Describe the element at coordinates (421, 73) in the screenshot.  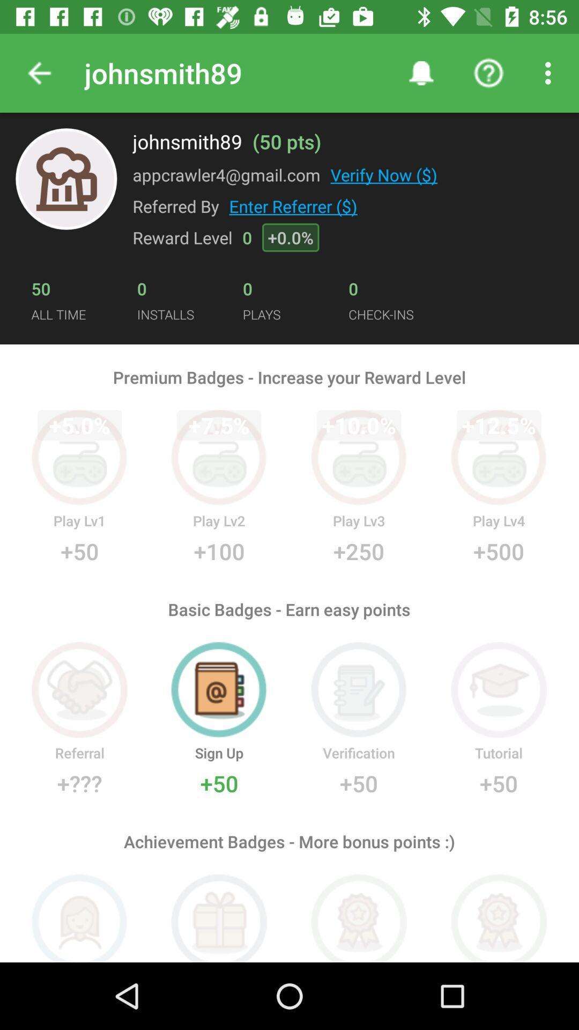
I see `the notification symbol` at that location.